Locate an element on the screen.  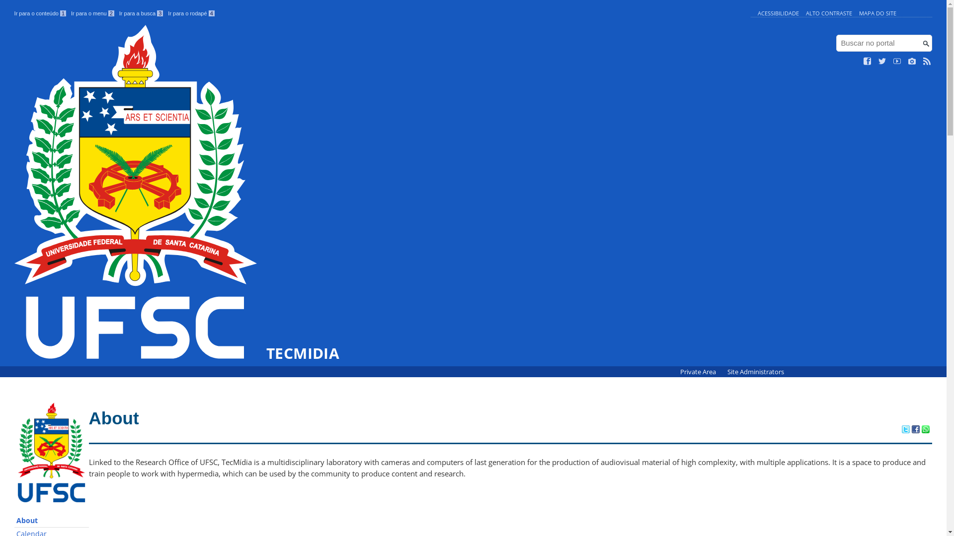
'Site Administrators' is located at coordinates (755, 372).